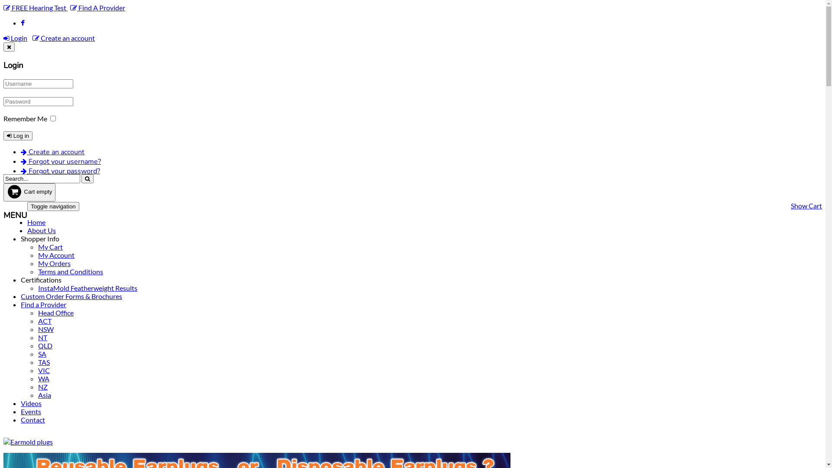  Describe the element at coordinates (88, 288) in the screenshot. I see `'InstaMold Featherweight Results'` at that location.